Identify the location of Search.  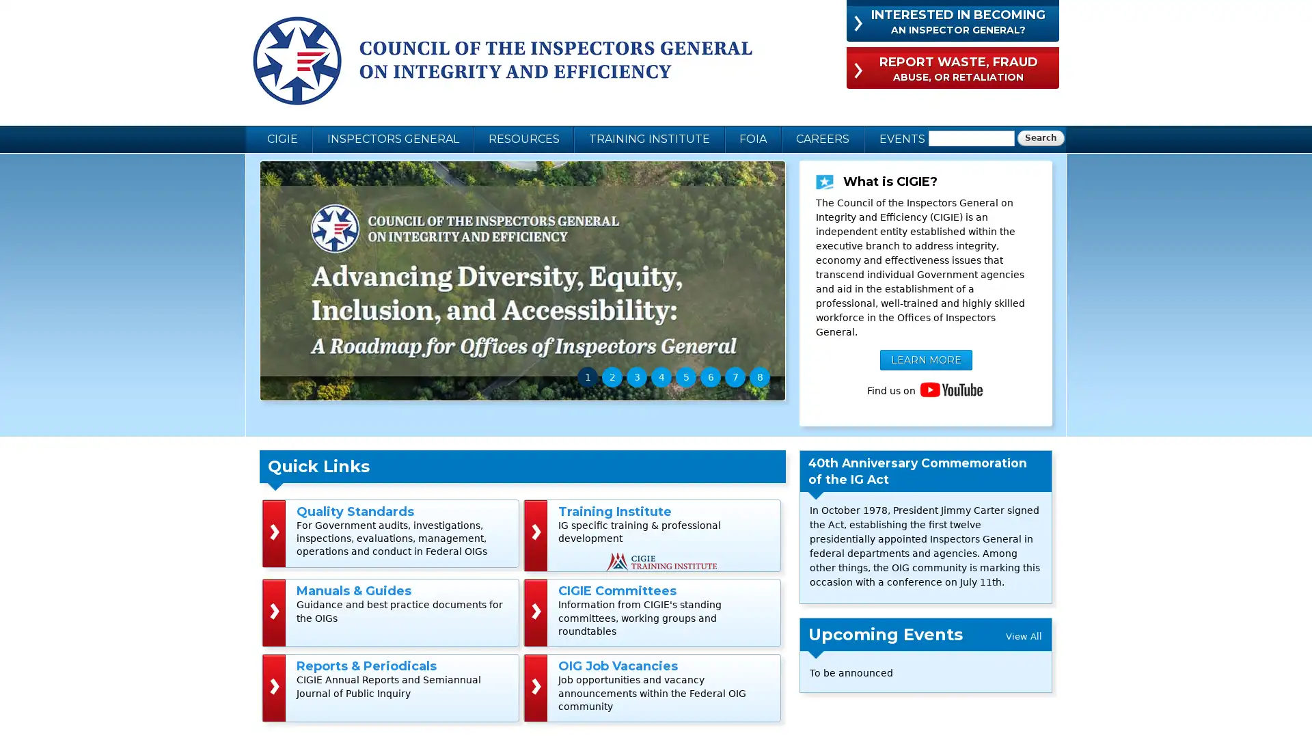
(1040, 138).